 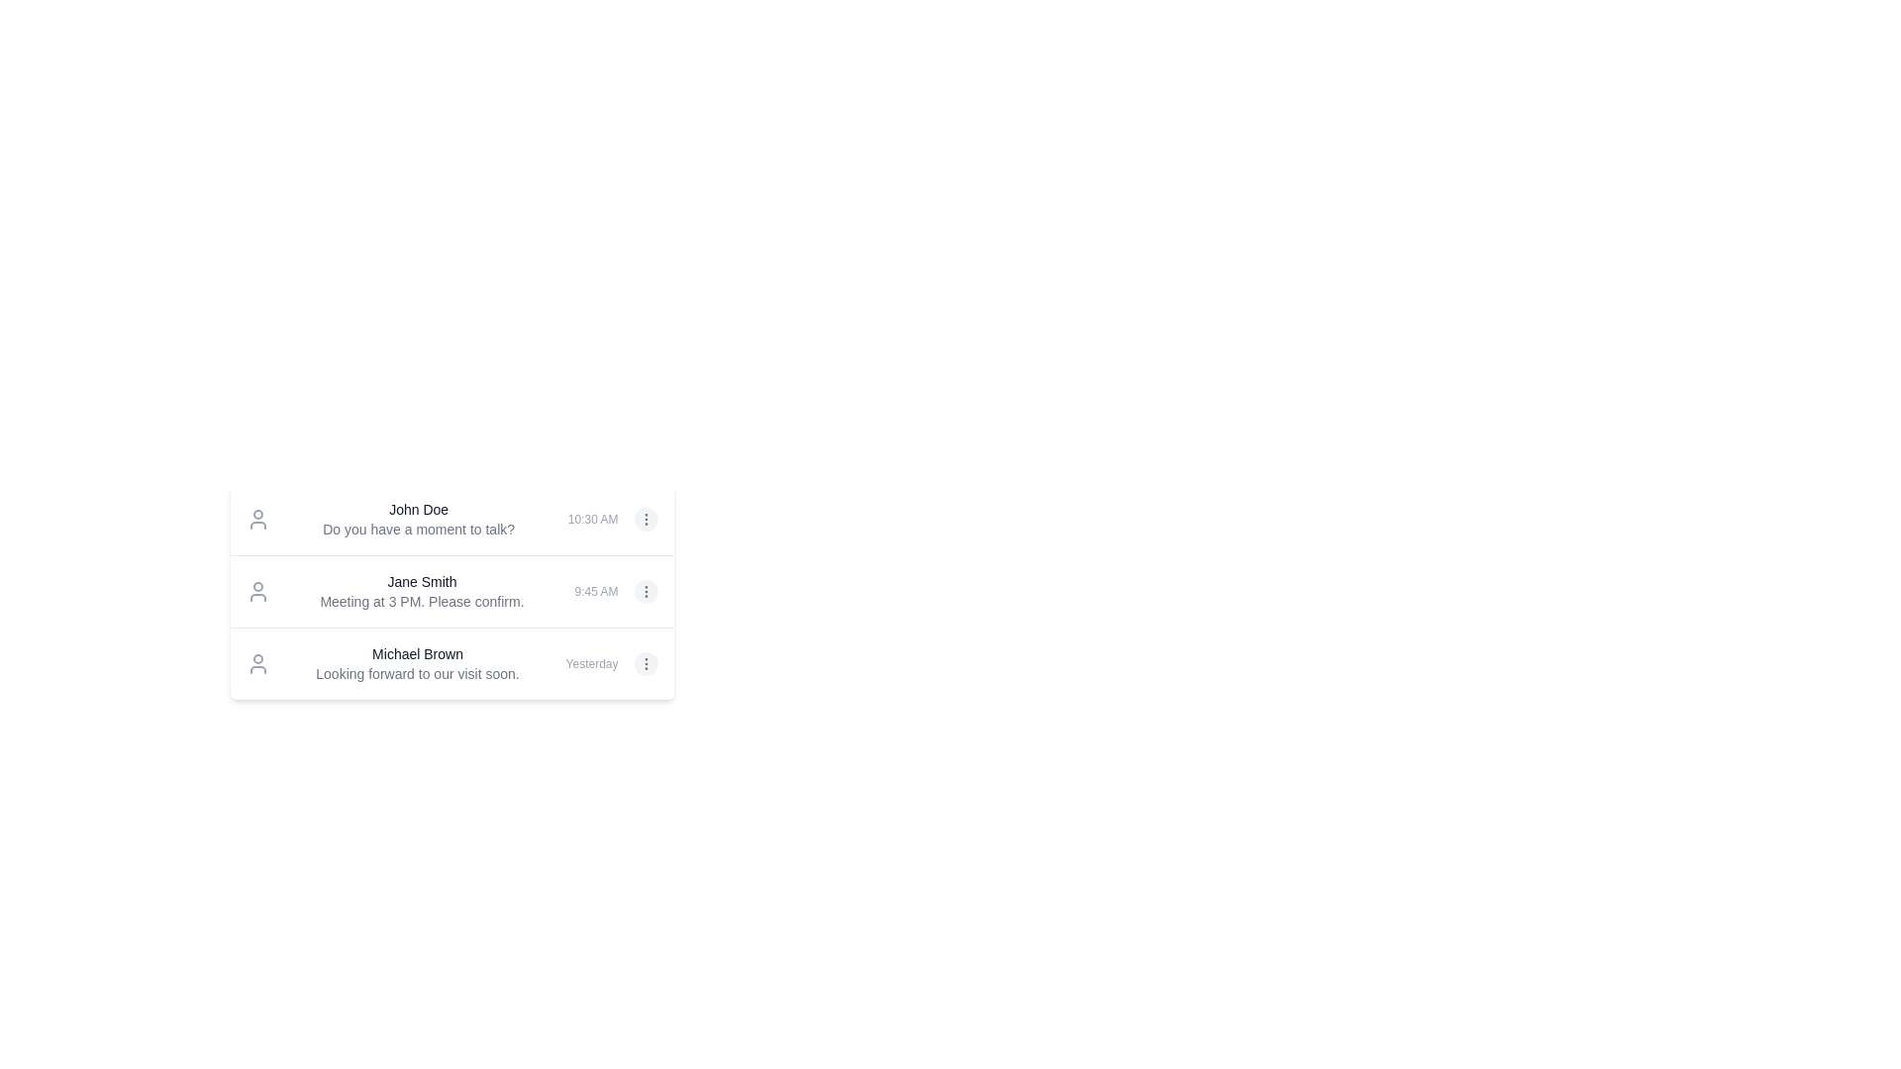 What do you see at coordinates (256, 590) in the screenshot?
I see `the user profile icon for 'Jane Smith', which is located in the second list item of a vertical list, to visually indicate the associated user` at bounding box center [256, 590].